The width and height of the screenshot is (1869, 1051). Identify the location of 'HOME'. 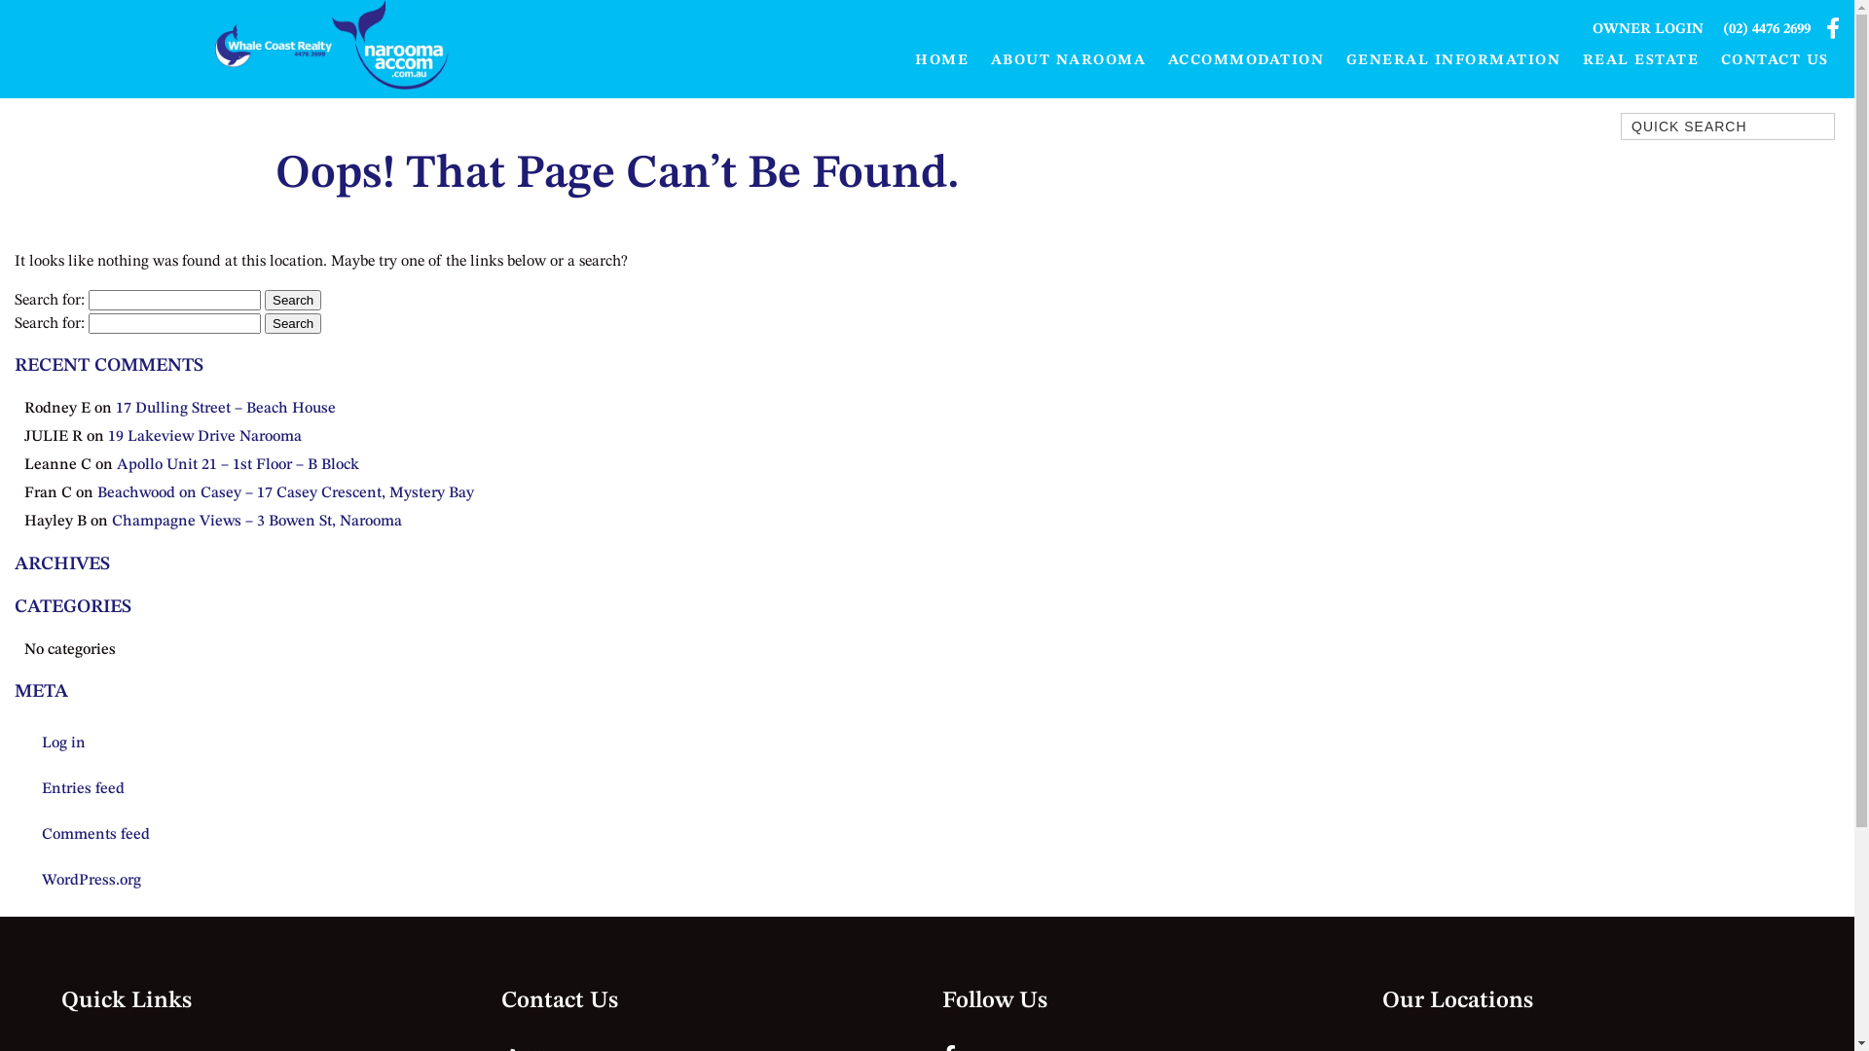
(942, 59).